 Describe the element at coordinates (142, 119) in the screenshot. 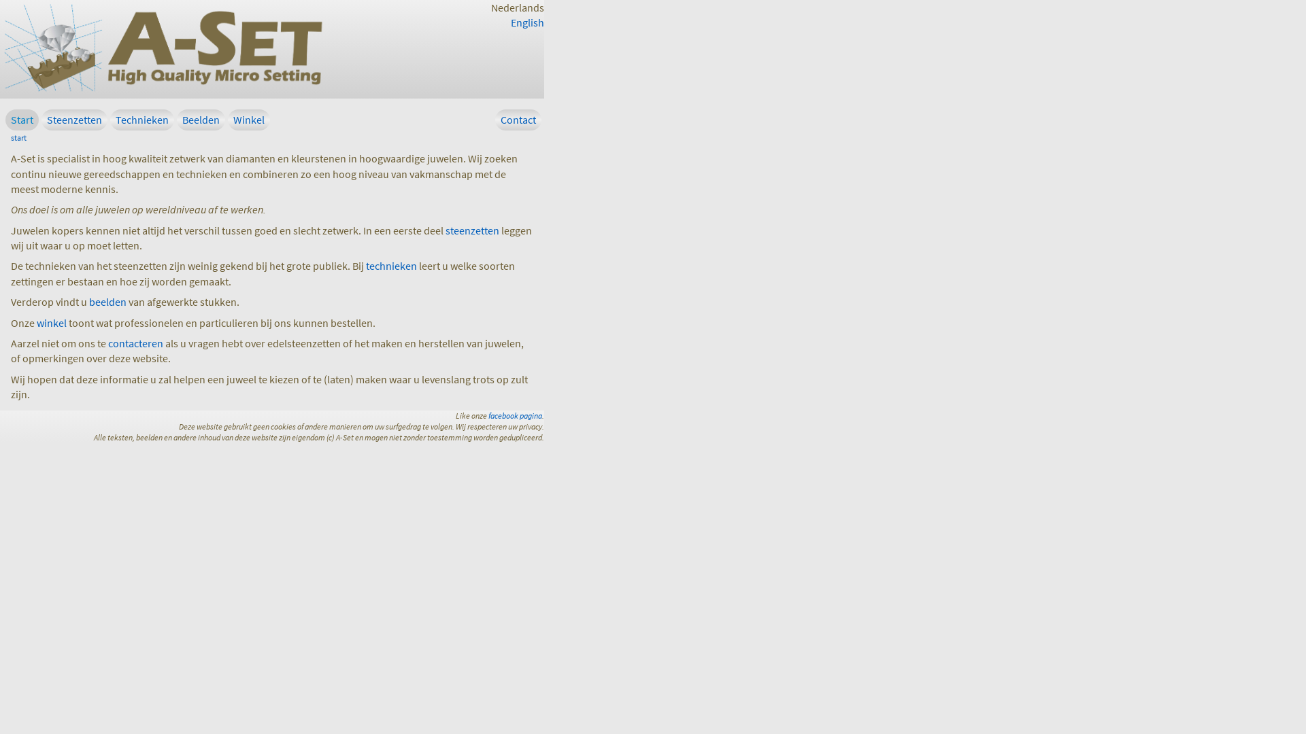

I see `'Technieken'` at that location.